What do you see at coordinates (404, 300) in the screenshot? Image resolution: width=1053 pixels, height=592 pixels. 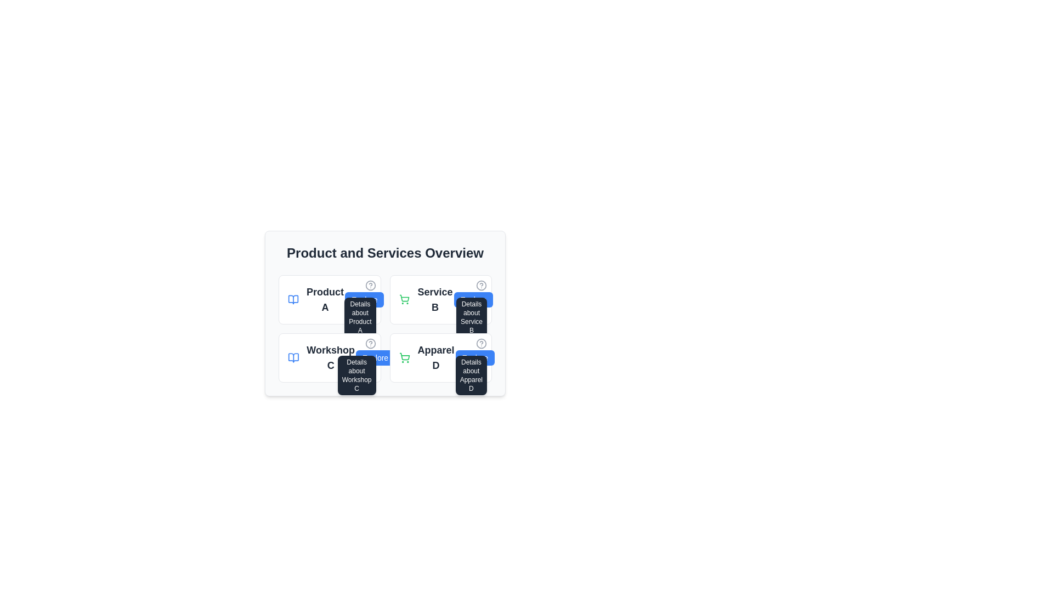 I see `the green shopping cart icon located in the top-right section of the 'Service B' card to initiate an action` at bounding box center [404, 300].